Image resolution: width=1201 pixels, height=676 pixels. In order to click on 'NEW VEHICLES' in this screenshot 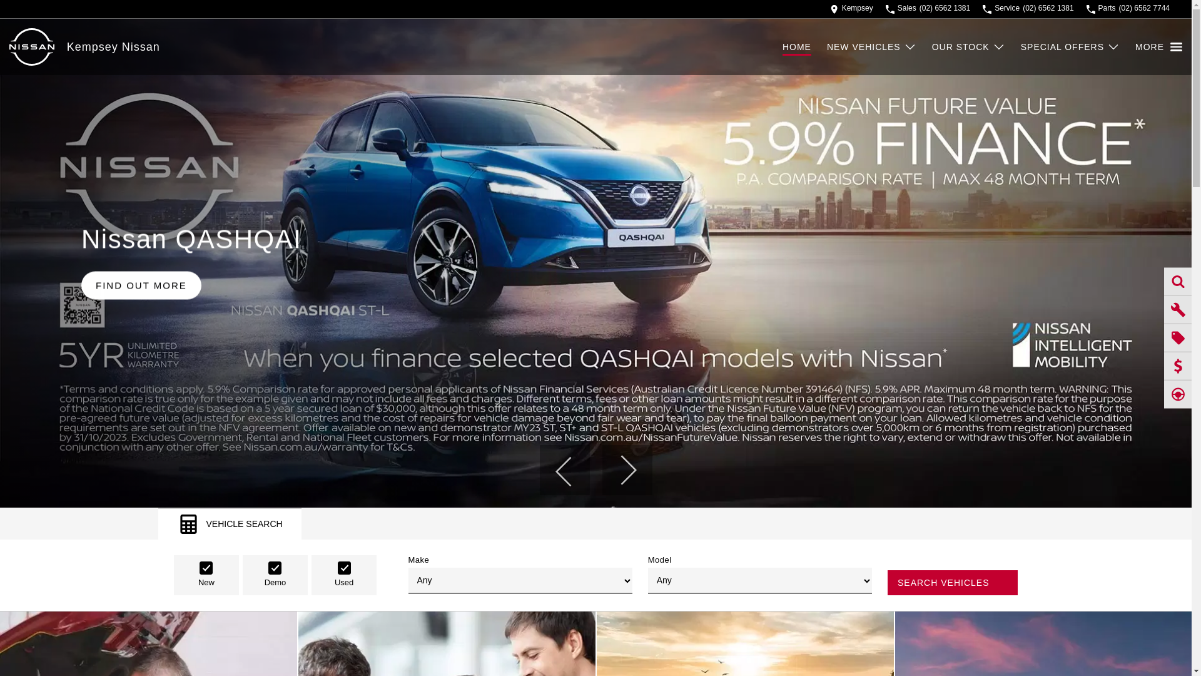, I will do `click(871, 46)`.